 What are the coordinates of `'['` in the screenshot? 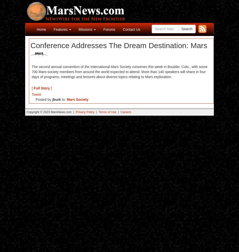 It's located at (32, 88).